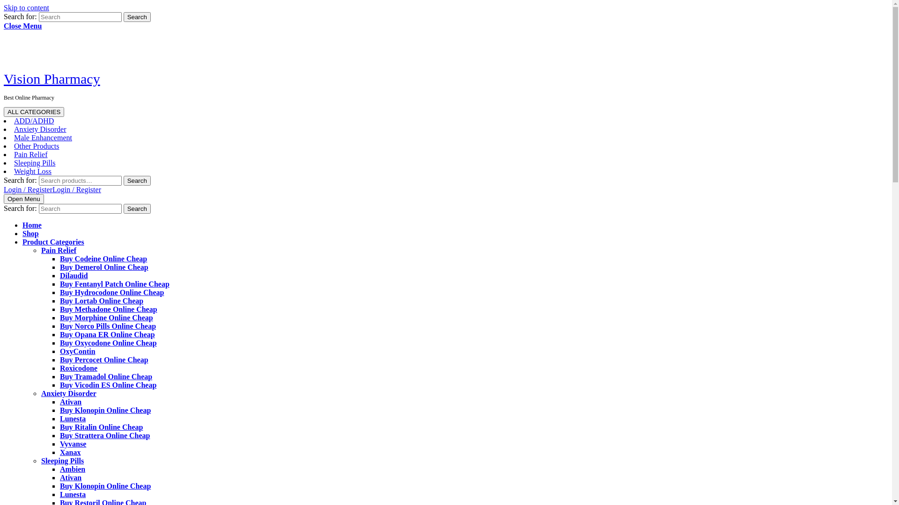 The image size is (899, 505). What do you see at coordinates (79, 368) in the screenshot?
I see `'Roxicodone'` at bounding box center [79, 368].